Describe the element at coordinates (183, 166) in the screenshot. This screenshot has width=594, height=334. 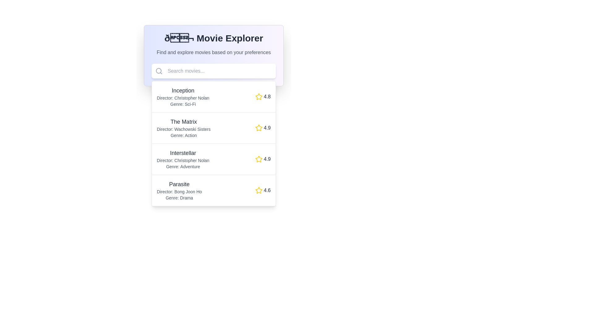
I see `the text label indicating the genre of the movie 'Adventure', which is located directly below 'Director: Christopher Nolan' in the third entry of the movie list` at that location.